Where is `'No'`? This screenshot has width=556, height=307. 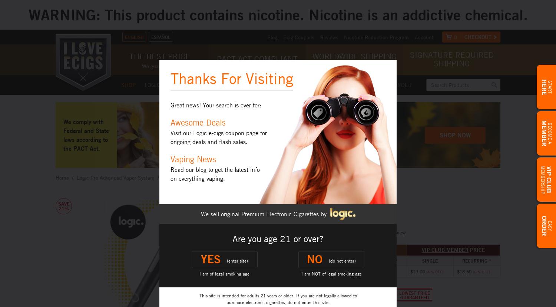 'No' is located at coordinates (316, 259).